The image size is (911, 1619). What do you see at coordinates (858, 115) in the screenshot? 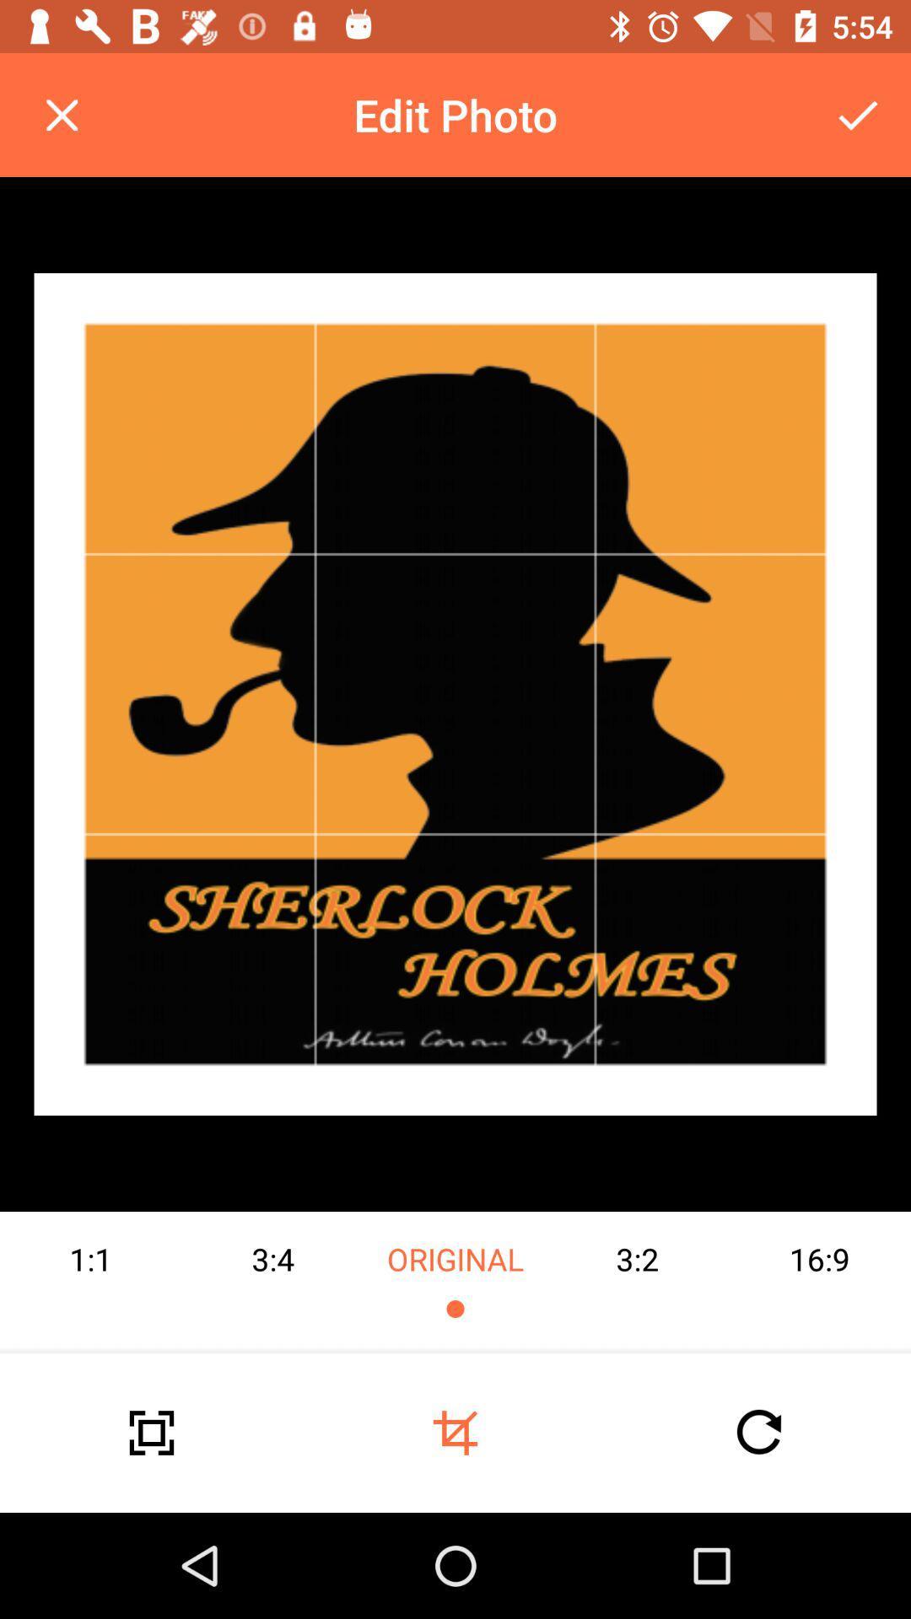
I see `tick on the right corner` at bounding box center [858, 115].